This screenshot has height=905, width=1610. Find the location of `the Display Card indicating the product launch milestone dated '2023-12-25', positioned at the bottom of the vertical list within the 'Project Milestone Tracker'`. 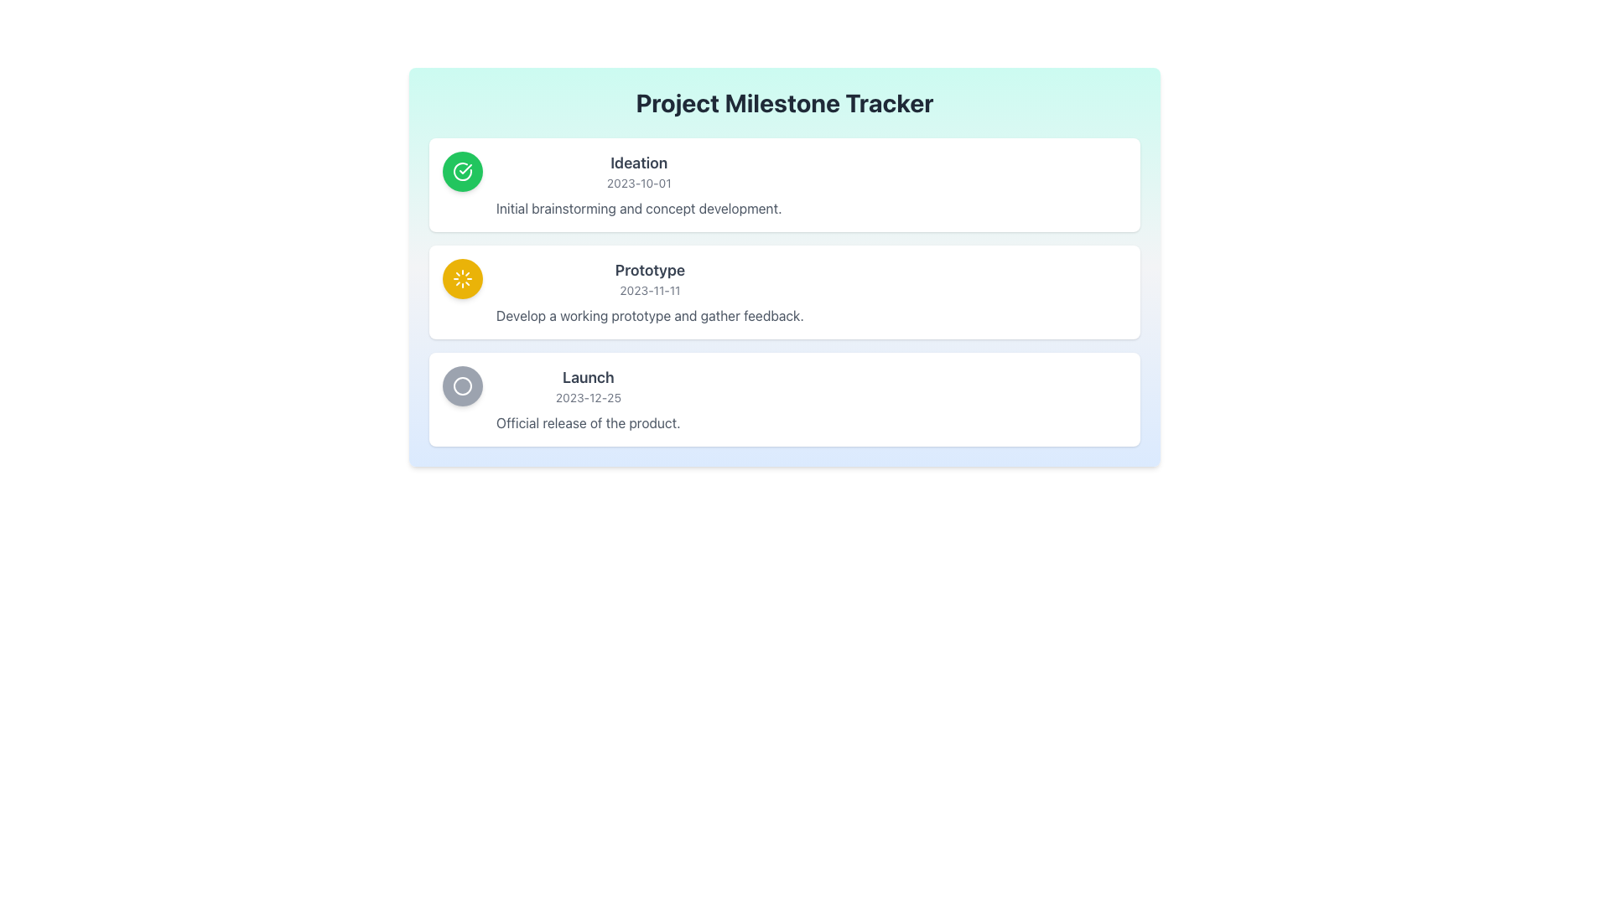

the Display Card indicating the product launch milestone dated '2023-12-25', positioned at the bottom of the vertical list within the 'Project Milestone Tracker' is located at coordinates (784, 400).